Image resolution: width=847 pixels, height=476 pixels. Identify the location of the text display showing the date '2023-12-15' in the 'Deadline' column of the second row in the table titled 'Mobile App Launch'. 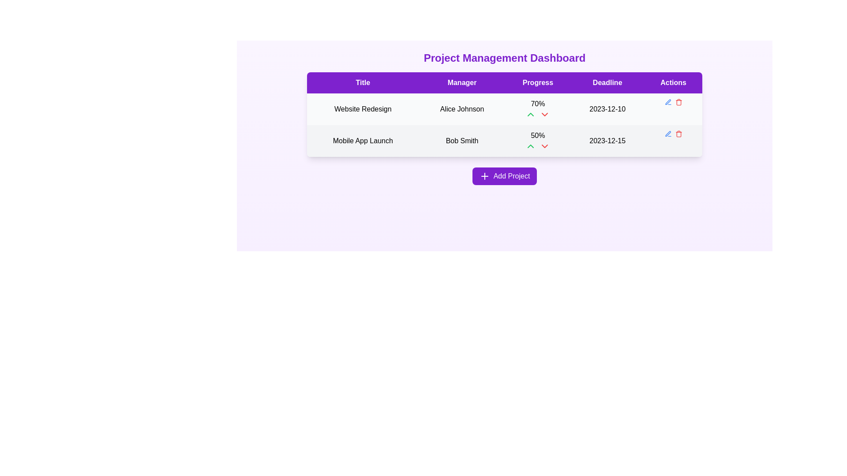
(607, 141).